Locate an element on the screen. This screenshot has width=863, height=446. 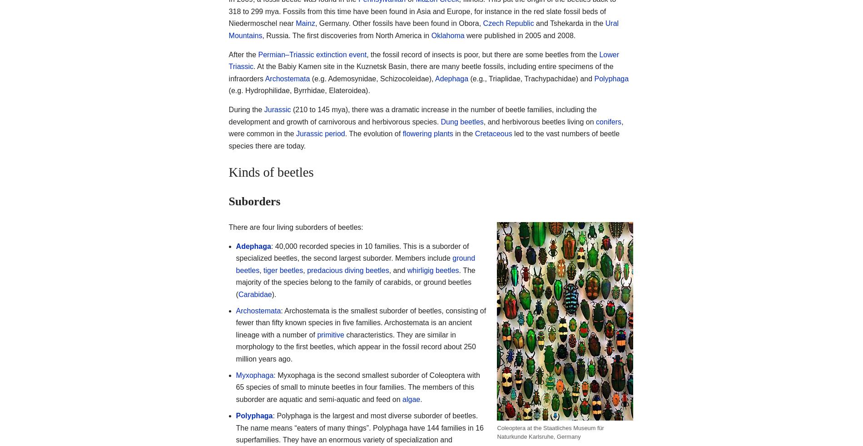
'(e.g., Triaplidae, Trachypachidae) and' is located at coordinates (531, 78).